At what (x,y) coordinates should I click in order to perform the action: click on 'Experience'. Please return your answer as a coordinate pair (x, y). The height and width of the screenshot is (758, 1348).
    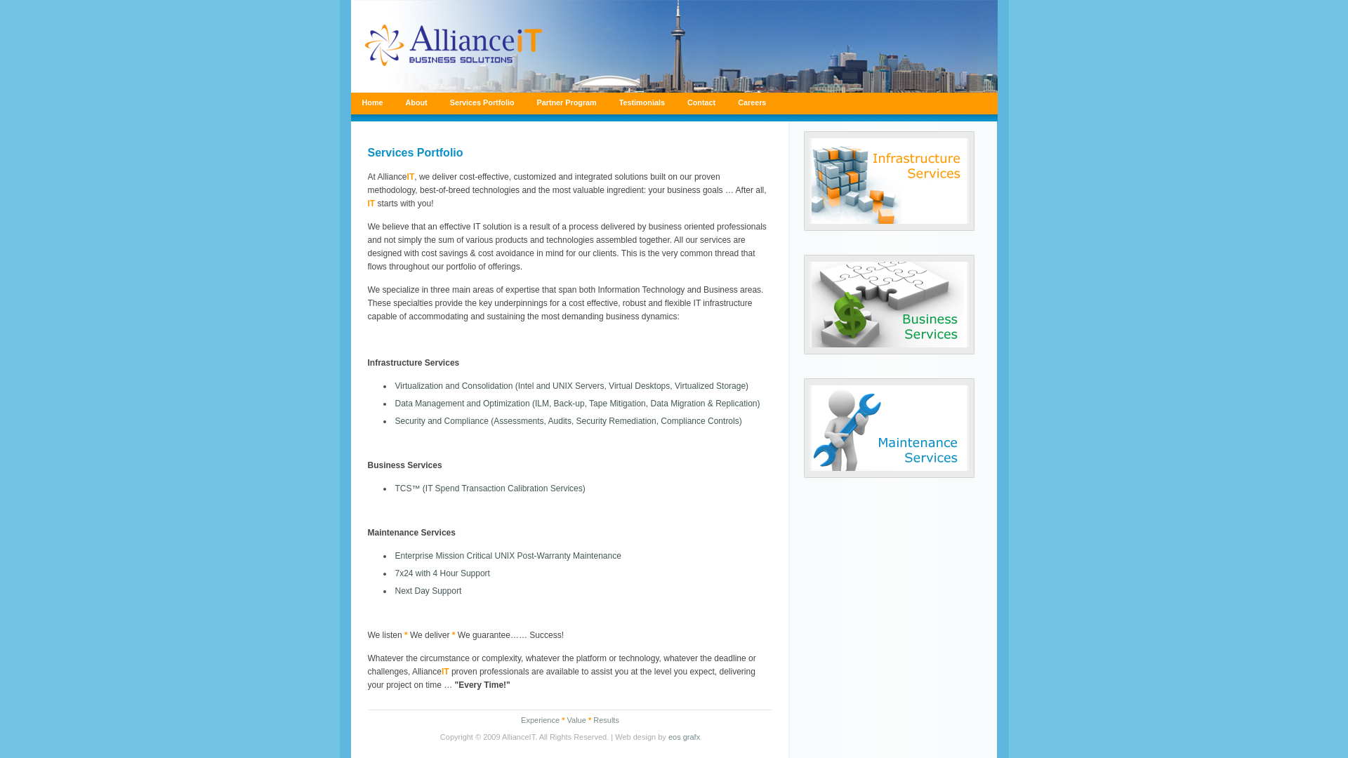
    Looking at the image, I should click on (539, 720).